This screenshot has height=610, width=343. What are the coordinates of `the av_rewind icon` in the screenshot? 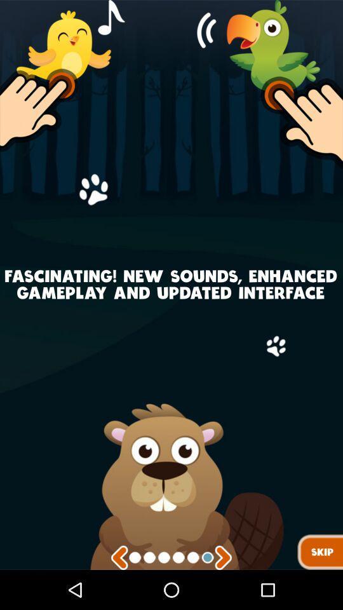 It's located at (119, 597).